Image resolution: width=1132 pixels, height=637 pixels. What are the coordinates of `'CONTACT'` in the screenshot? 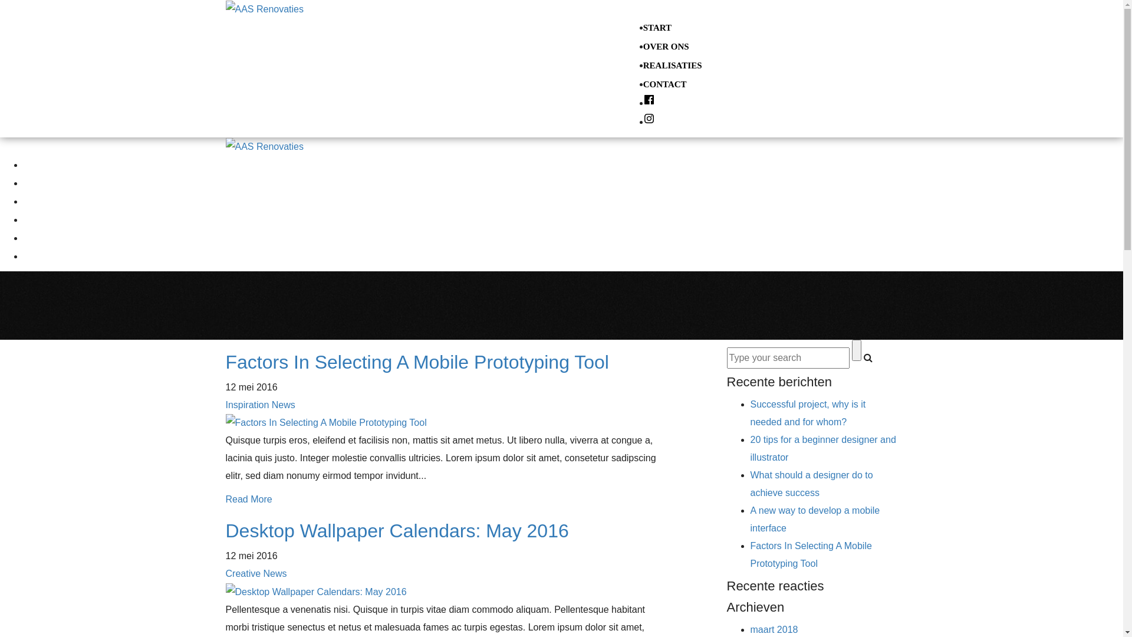 It's located at (665, 83).